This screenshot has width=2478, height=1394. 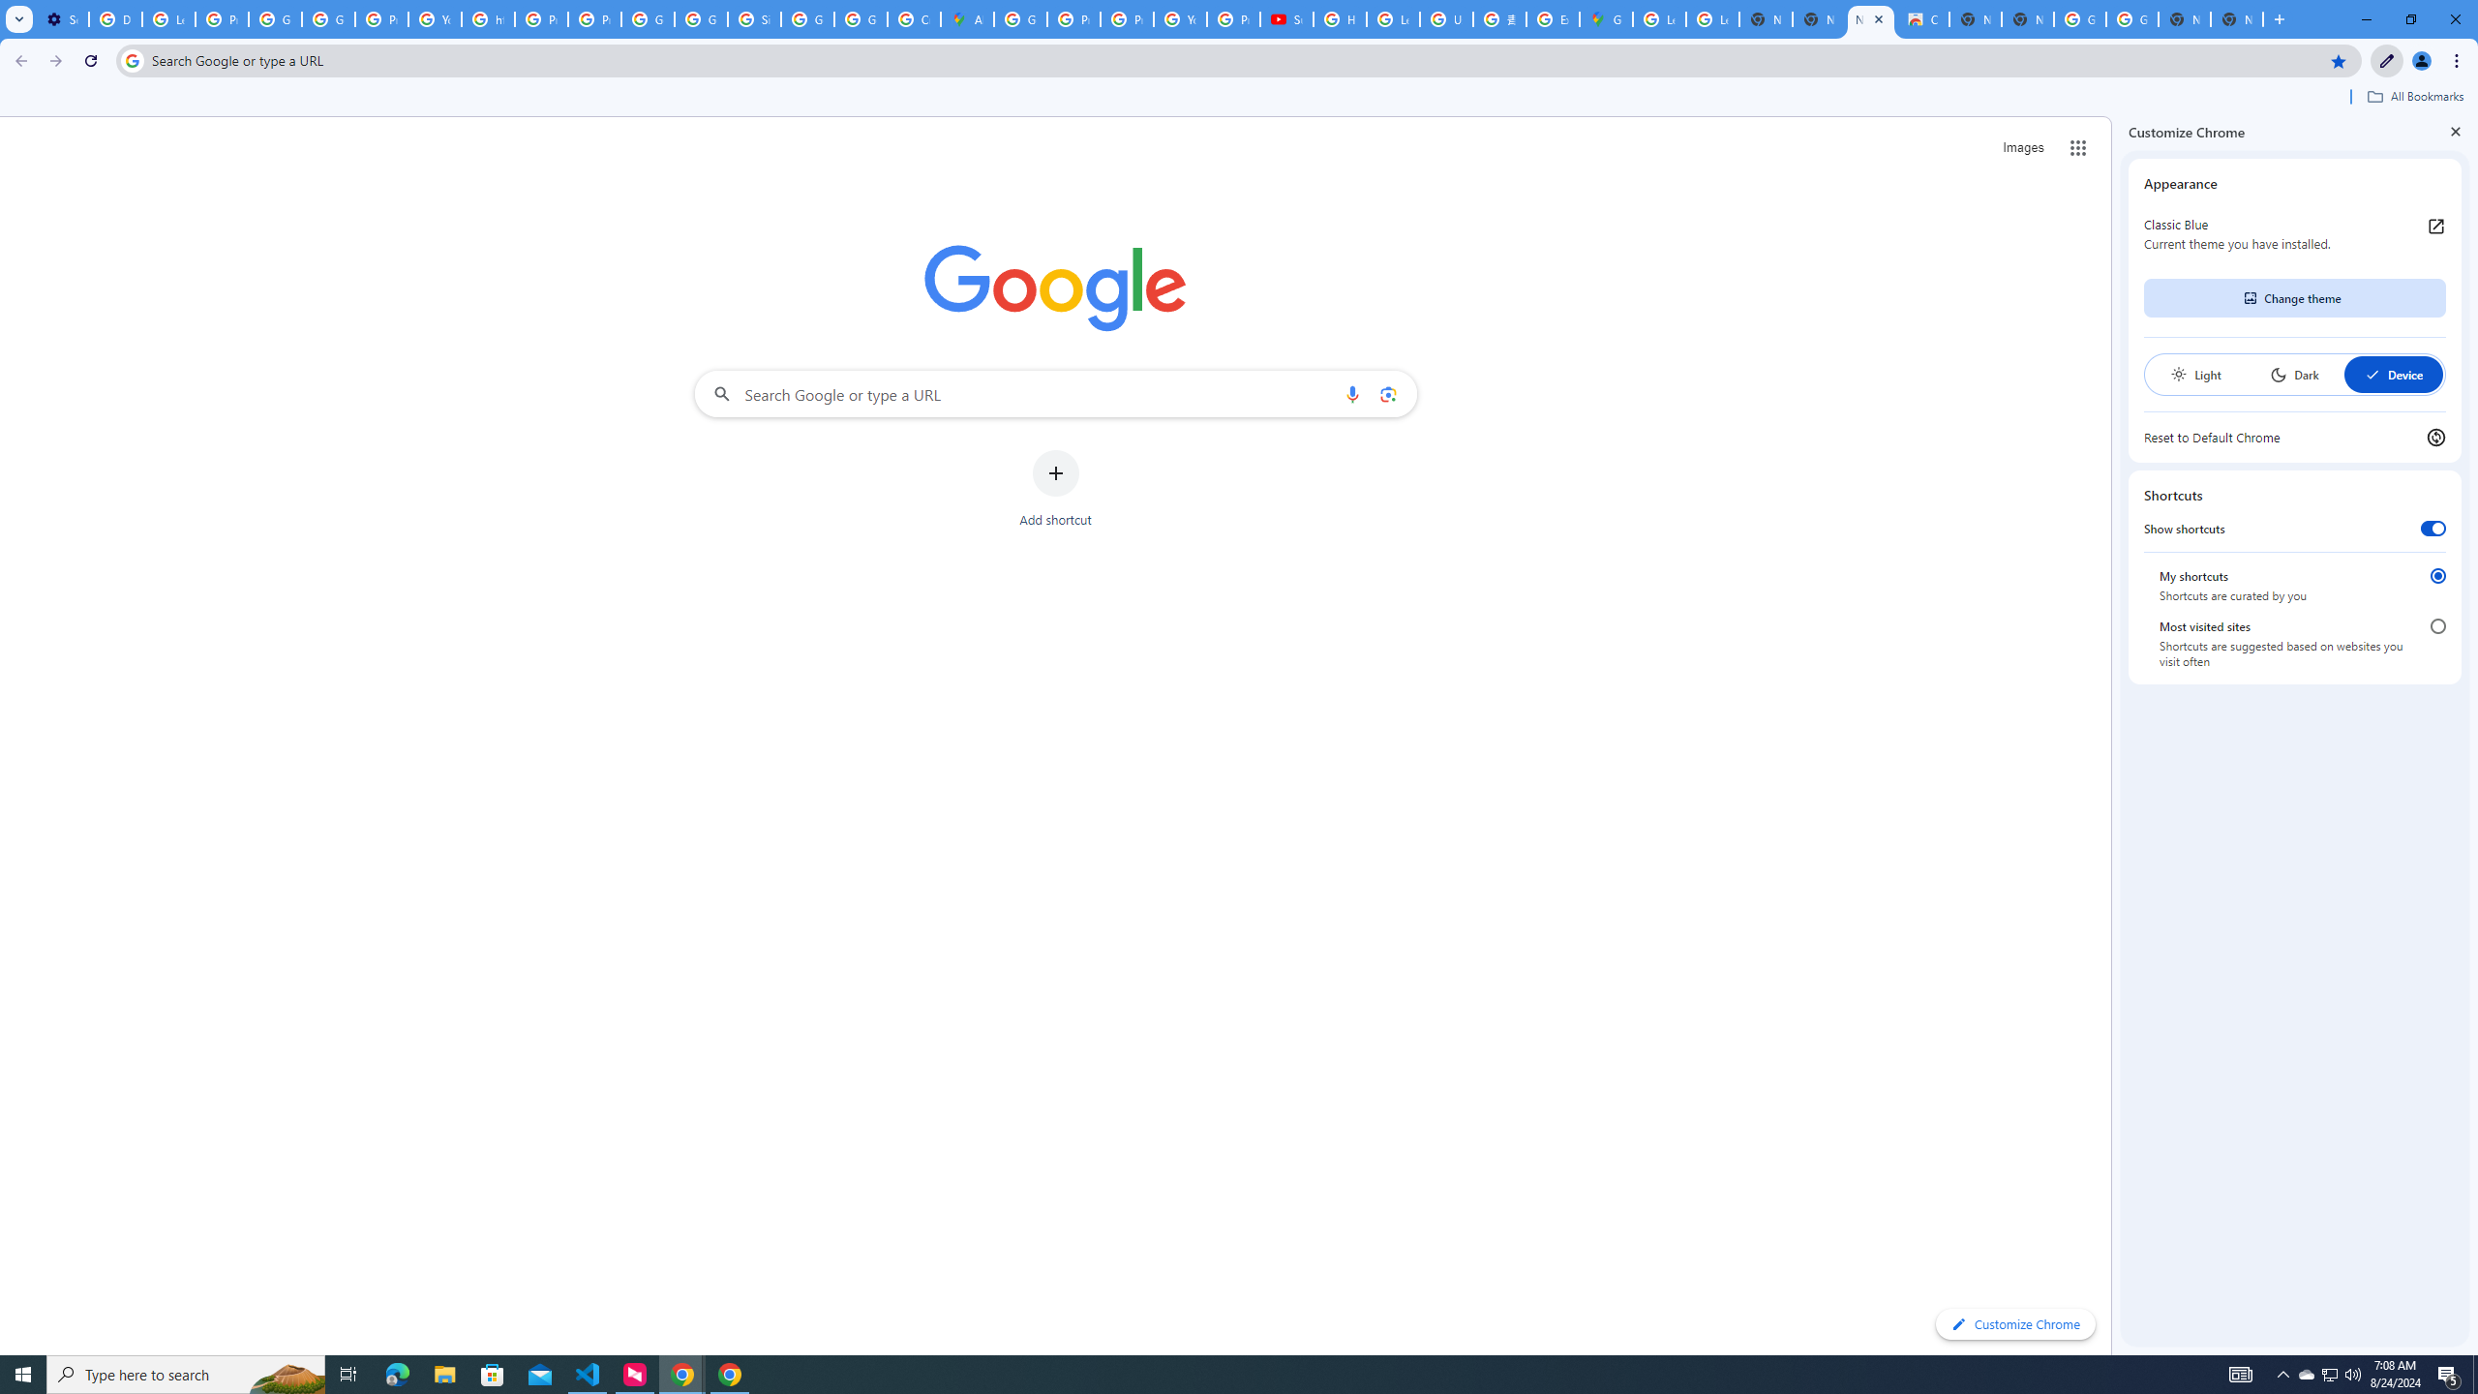 I want to click on 'Subscriptions - YouTube', so click(x=1285, y=18).